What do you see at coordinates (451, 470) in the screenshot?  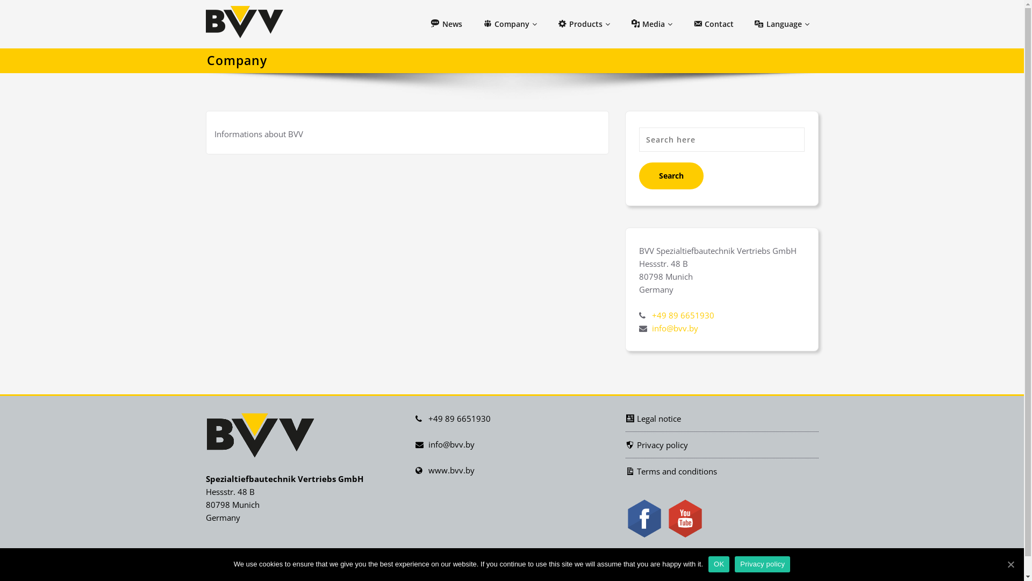 I see `'www.bvv.by'` at bounding box center [451, 470].